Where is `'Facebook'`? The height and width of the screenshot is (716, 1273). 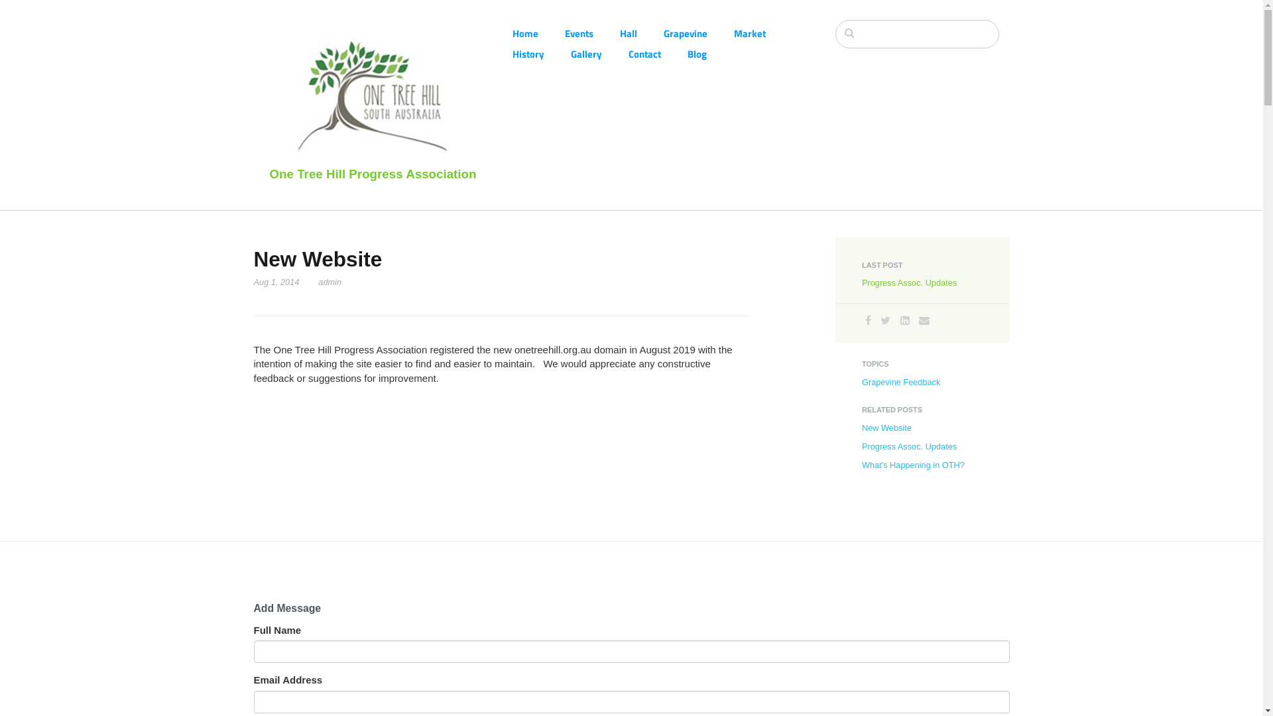 'Facebook' is located at coordinates (868, 320).